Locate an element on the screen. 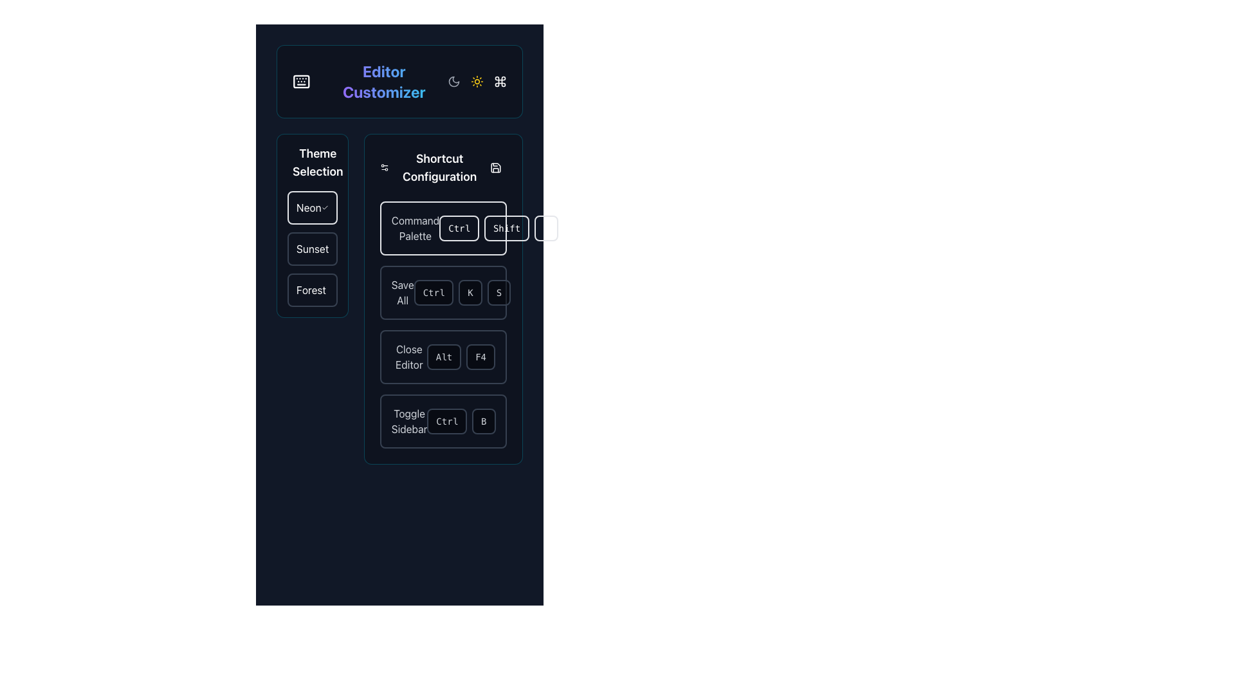  the 'Sunset' button, which is styled in bold, capitalized text and is the second option in the 'Theme Selection' section is located at coordinates (312, 248).